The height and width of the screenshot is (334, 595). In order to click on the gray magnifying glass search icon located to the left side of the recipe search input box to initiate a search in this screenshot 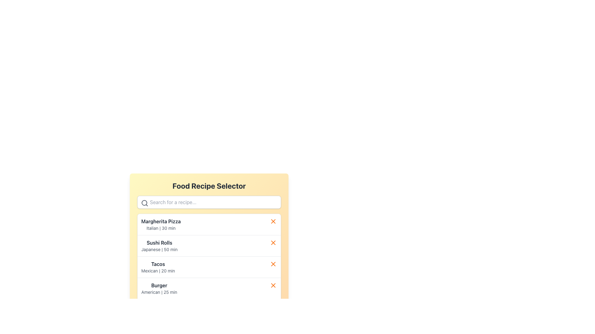, I will do `click(144, 203)`.